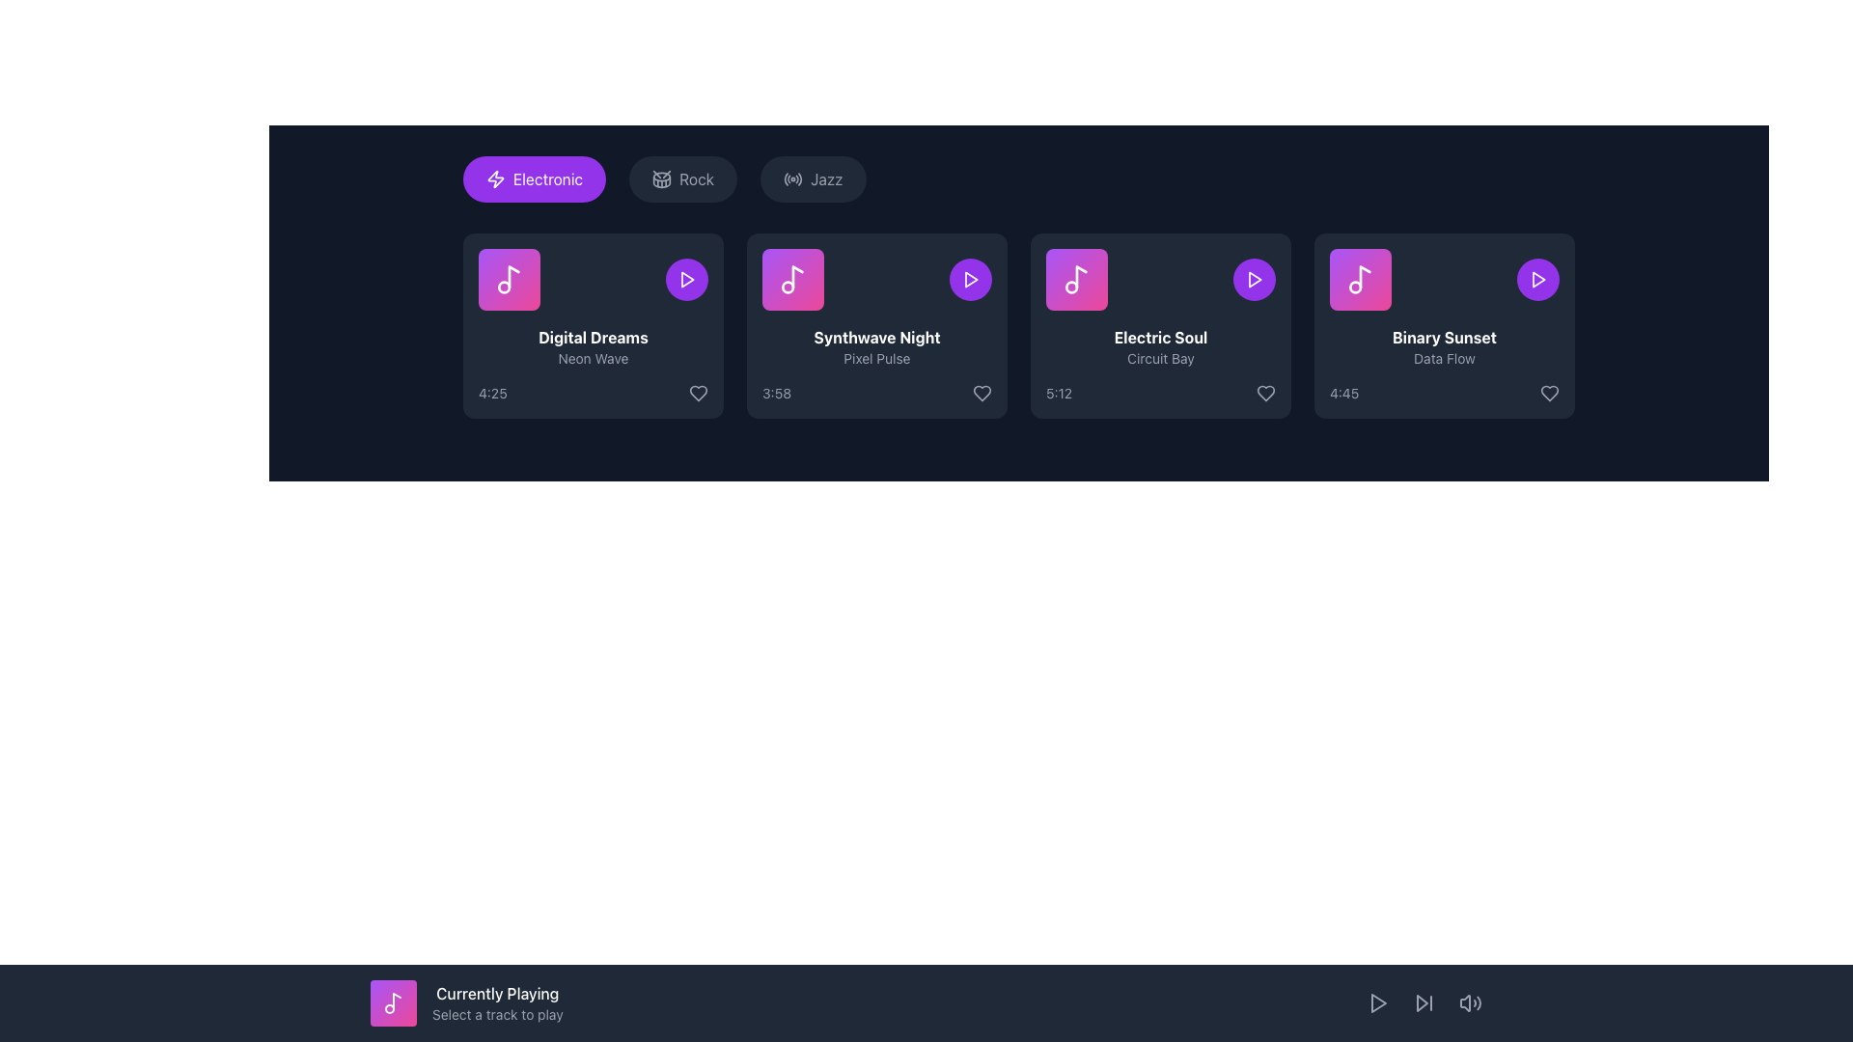  What do you see at coordinates (971, 279) in the screenshot?
I see `the circular play button with a purple gradient background located at the top-right corner of the 'Synthwave Night' track card to play the track` at bounding box center [971, 279].